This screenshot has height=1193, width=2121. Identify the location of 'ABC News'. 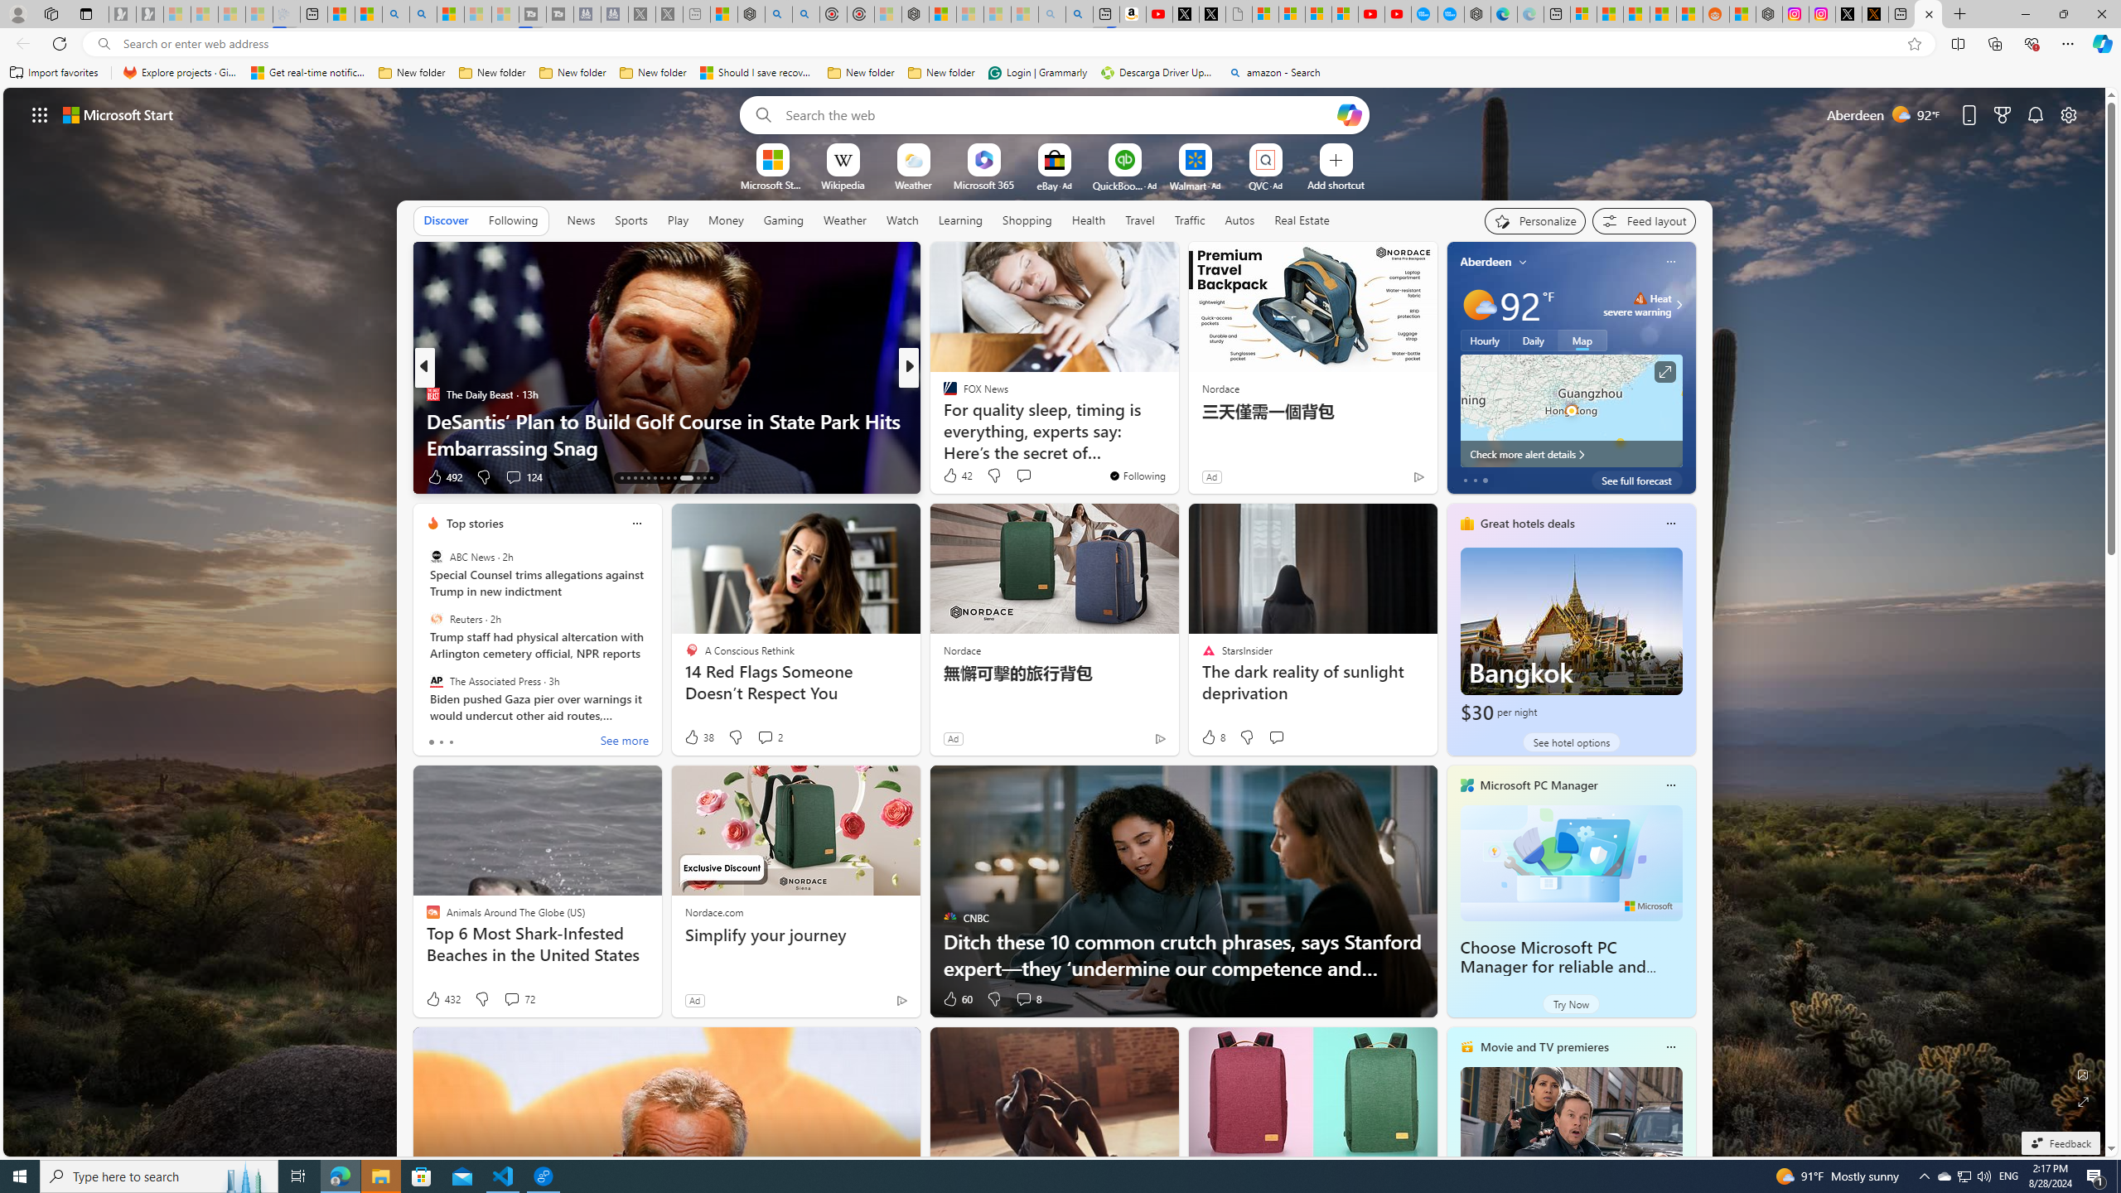
(435, 556).